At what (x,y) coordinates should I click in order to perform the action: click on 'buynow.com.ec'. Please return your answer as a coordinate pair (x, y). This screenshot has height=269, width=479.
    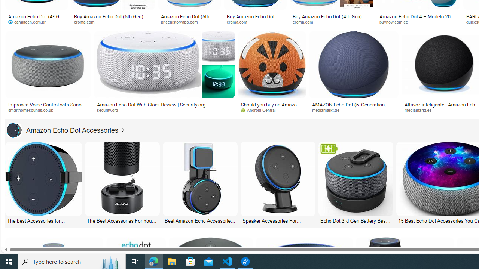
    Looking at the image, I should click on (396, 21).